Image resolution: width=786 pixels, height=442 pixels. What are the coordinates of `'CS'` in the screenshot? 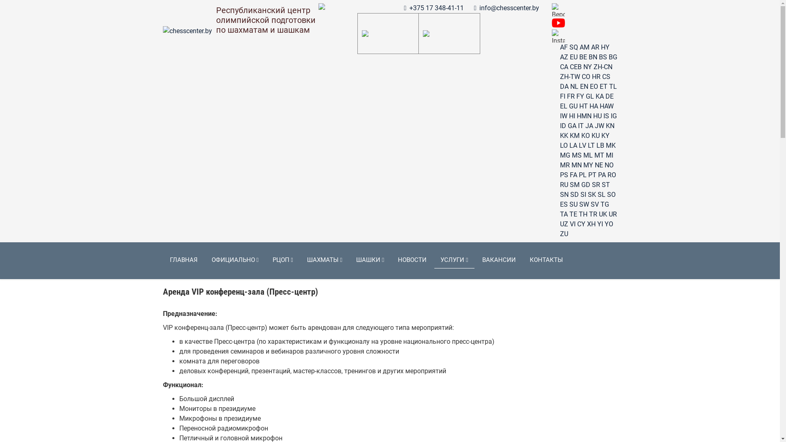 It's located at (605, 77).